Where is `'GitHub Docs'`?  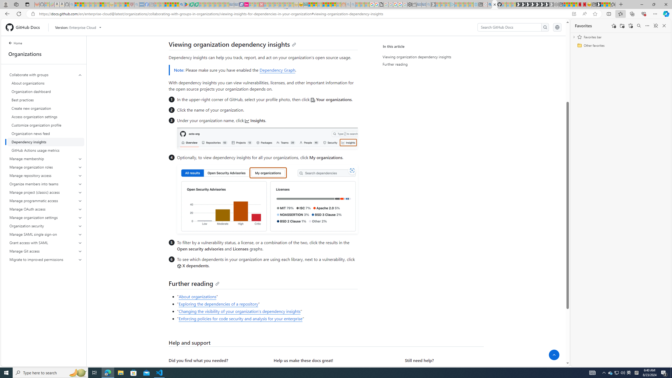 'GitHub Docs' is located at coordinates (24, 27).